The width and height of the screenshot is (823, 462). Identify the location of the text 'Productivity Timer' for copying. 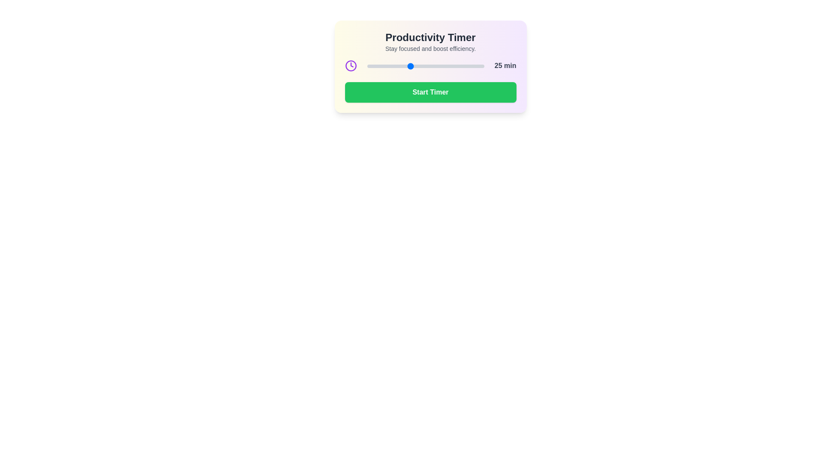
(430, 37).